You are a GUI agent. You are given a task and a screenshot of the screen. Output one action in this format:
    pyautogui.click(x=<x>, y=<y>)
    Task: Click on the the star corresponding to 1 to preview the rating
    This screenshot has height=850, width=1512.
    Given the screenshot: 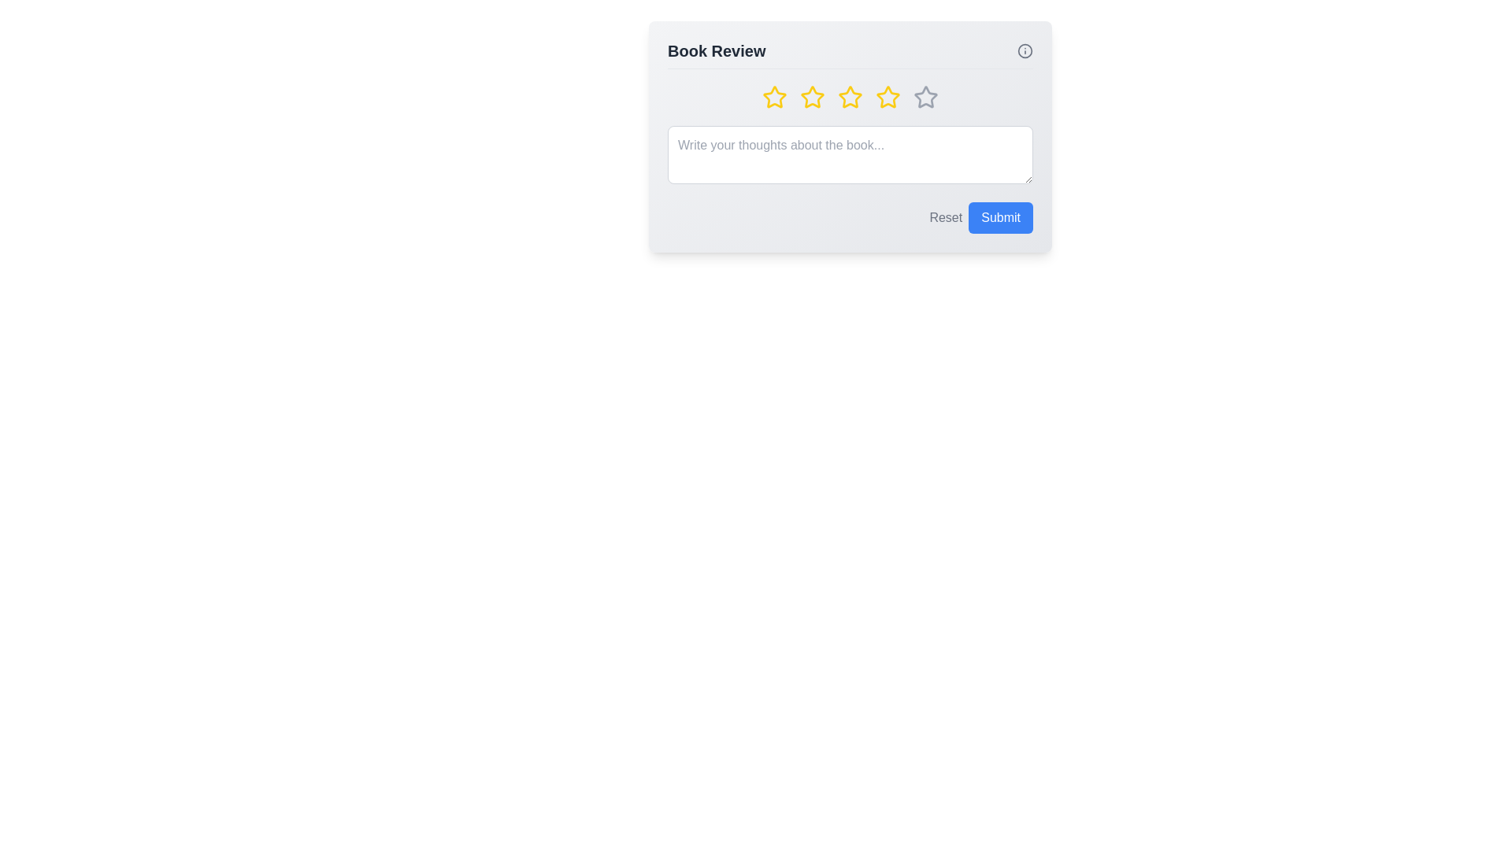 What is the action you would take?
    pyautogui.click(x=774, y=97)
    